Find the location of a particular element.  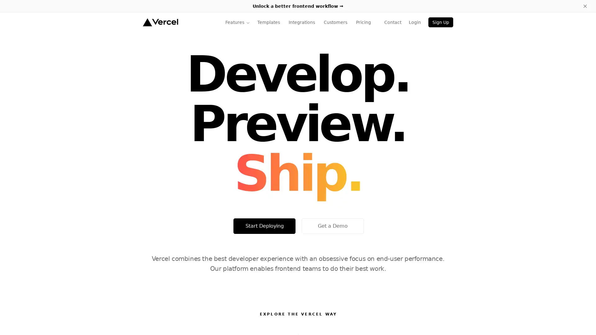

Sign Up is located at coordinates (440, 22).